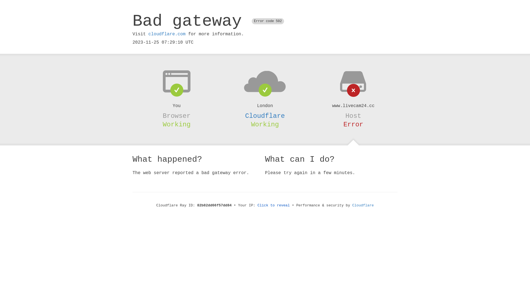 This screenshot has height=298, width=530. I want to click on 'Click to reveal', so click(274, 205).